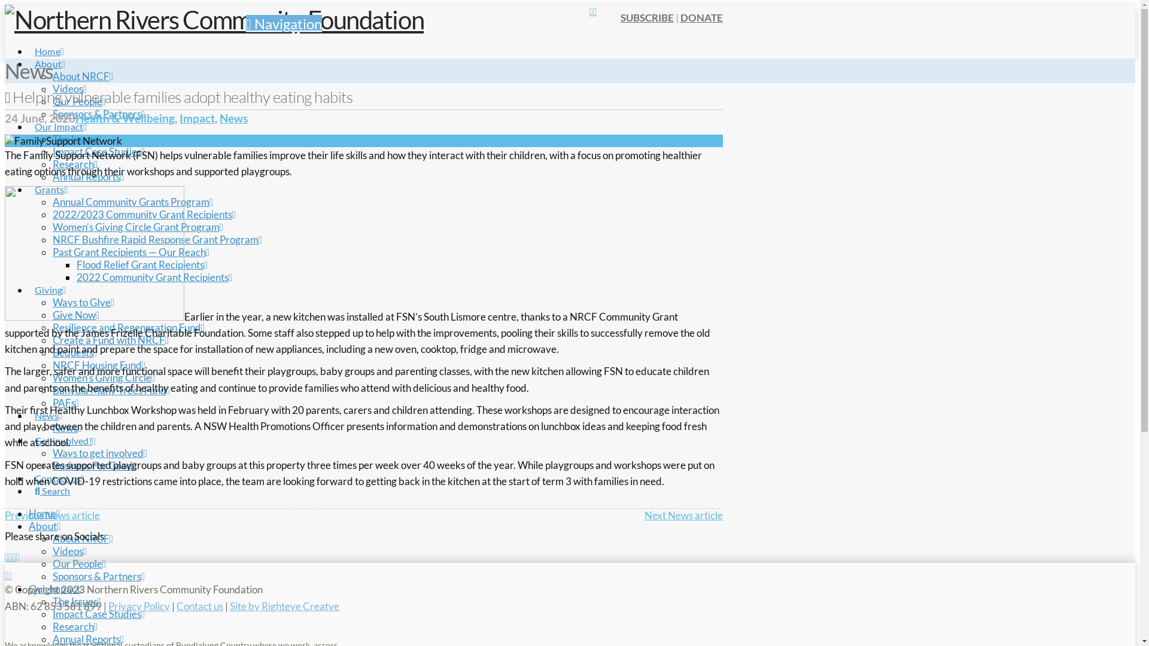 Image resolution: width=1149 pixels, height=646 pixels. I want to click on 'Instagram', so click(10, 574).